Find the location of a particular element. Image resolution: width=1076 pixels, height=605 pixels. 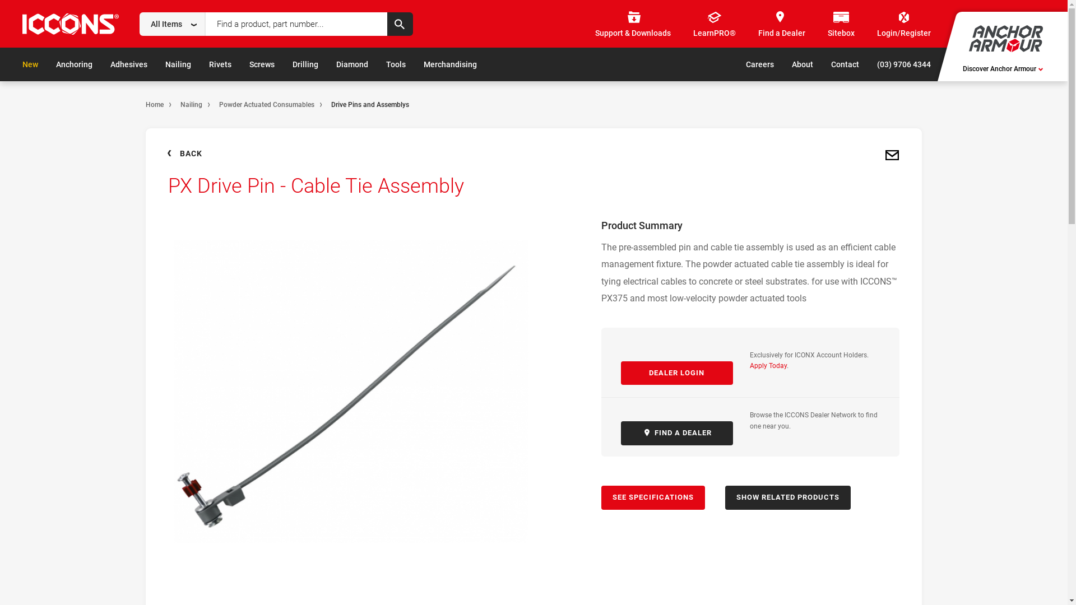

'Rivets' is located at coordinates (220, 64).